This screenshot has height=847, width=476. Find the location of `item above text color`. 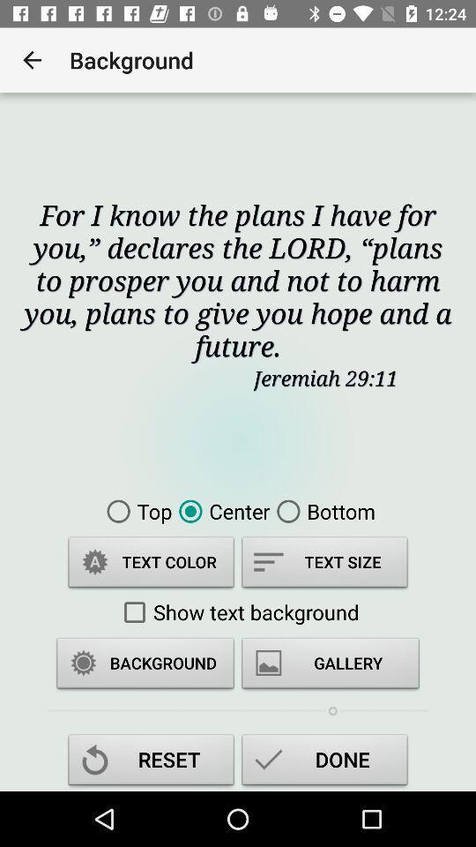

item above text color is located at coordinates (135, 511).